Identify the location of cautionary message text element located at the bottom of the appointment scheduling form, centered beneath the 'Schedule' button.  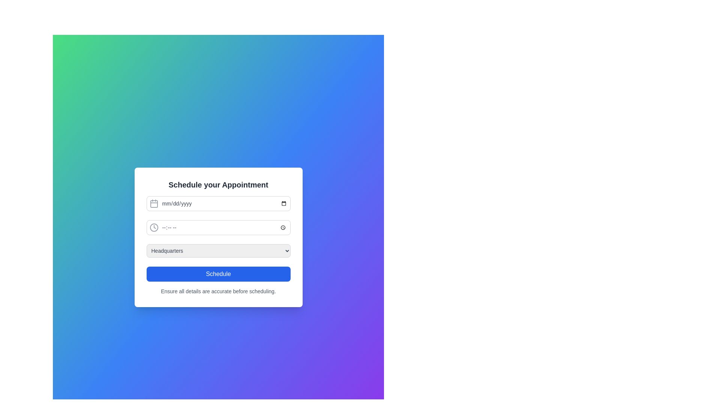
(218, 291).